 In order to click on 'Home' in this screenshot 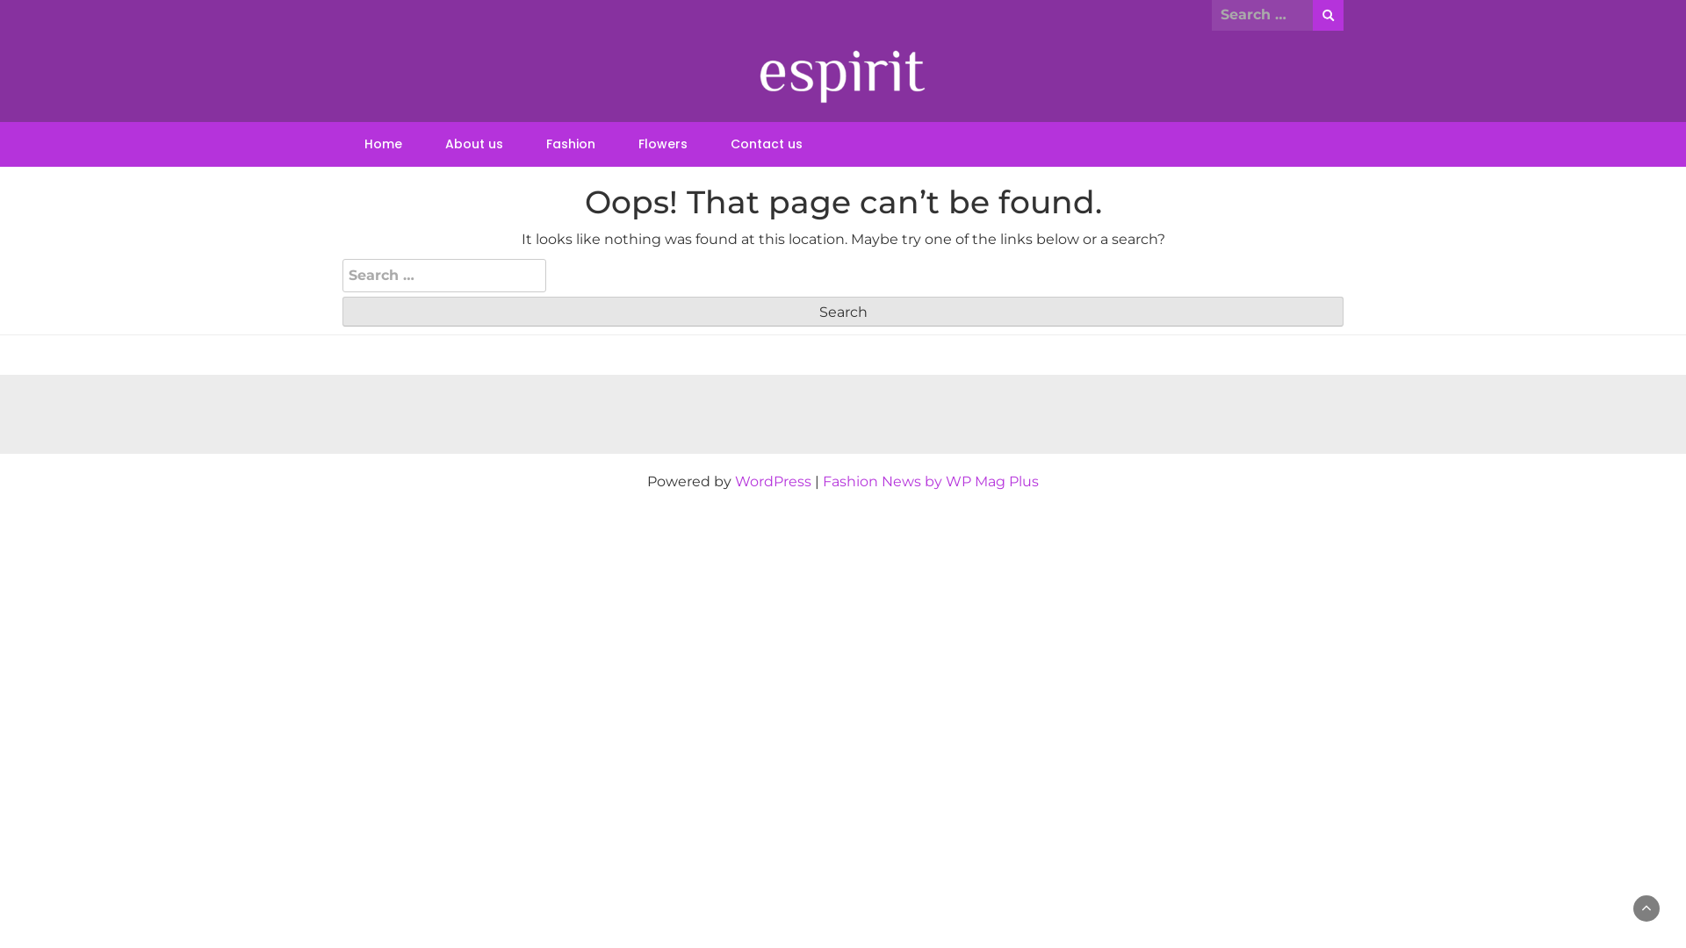, I will do `click(382, 143)`.